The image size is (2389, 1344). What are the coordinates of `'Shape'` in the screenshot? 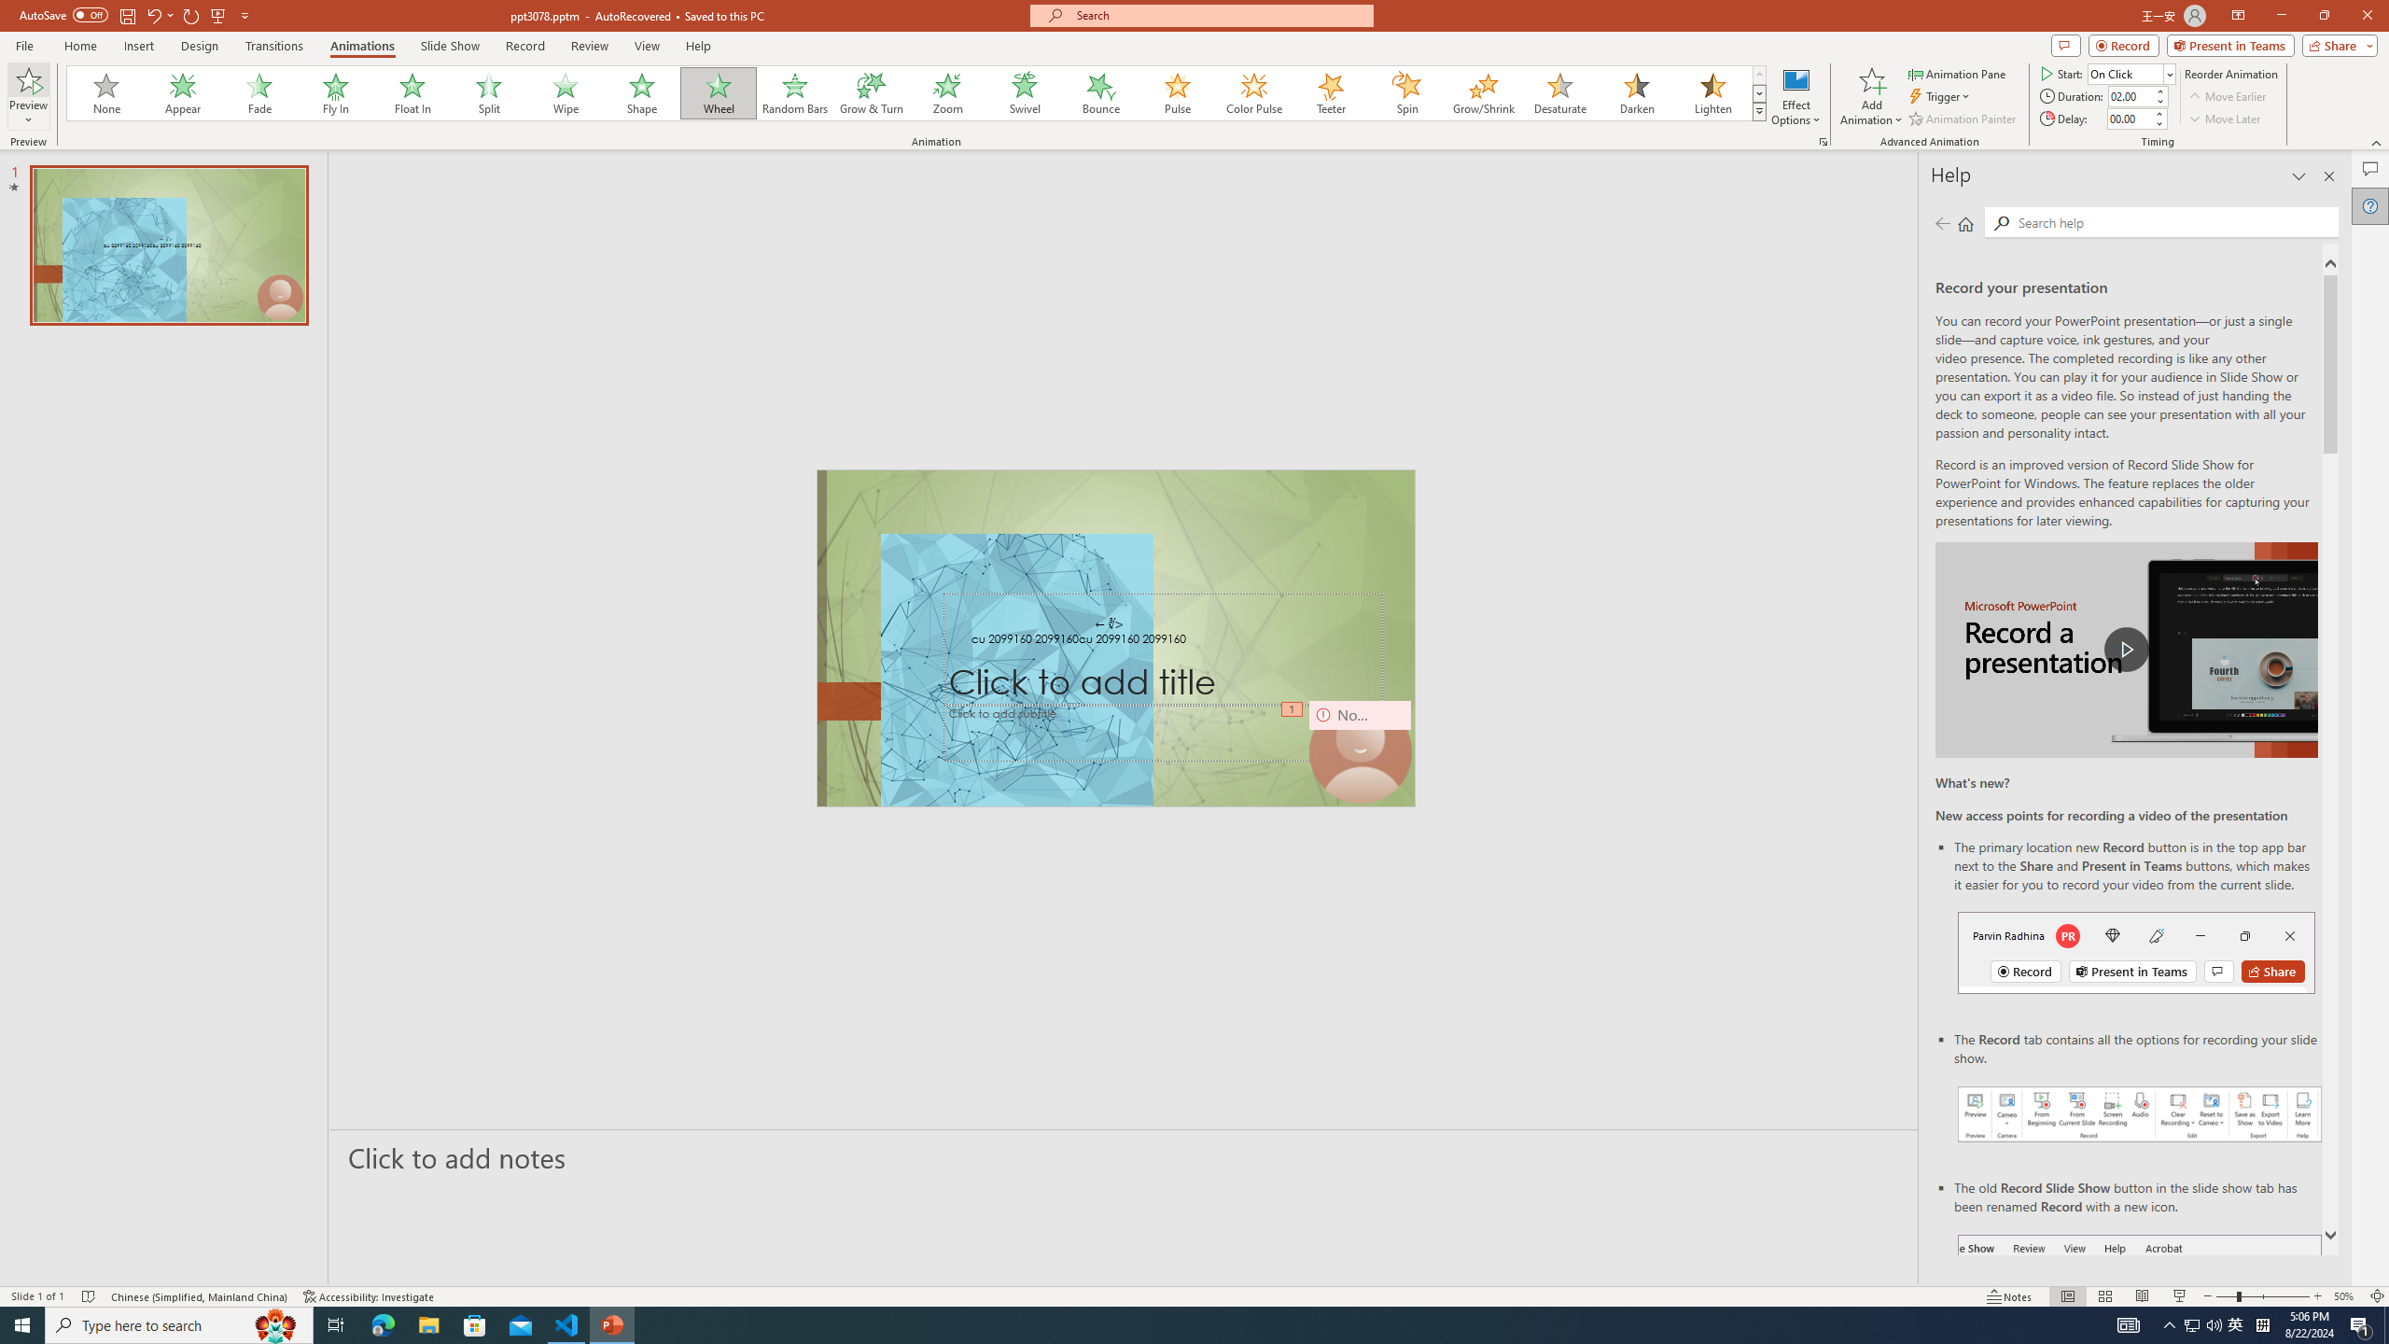 It's located at (642, 92).